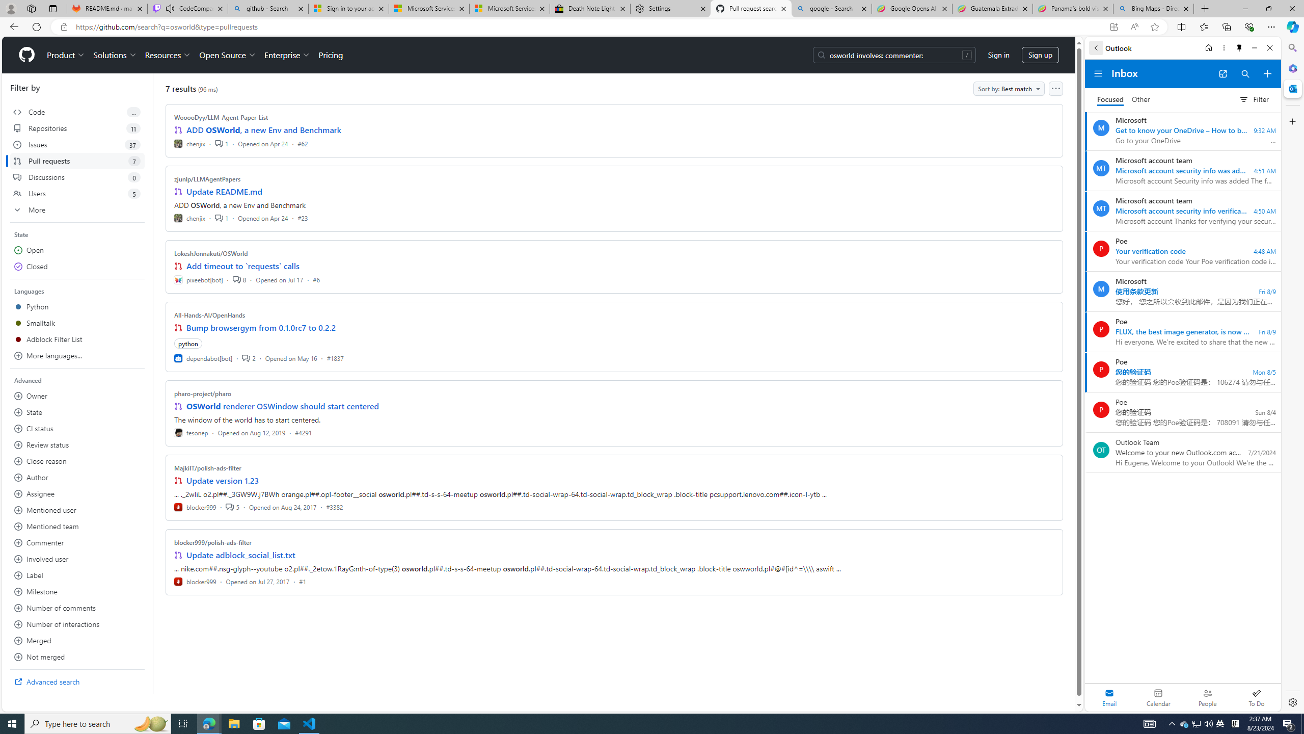 This screenshot has width=1304, height=734. What do you see at coordinates (222, 117) in the screenshot?
I see `'WooooDyy/LLM-Agent-Paper-List'` at bounding box center [222, 117].